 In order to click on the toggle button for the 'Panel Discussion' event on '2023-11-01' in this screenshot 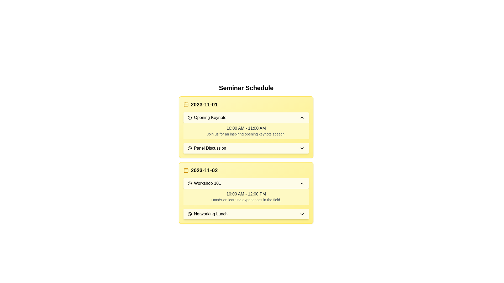, I will do `click(246, 148)`.